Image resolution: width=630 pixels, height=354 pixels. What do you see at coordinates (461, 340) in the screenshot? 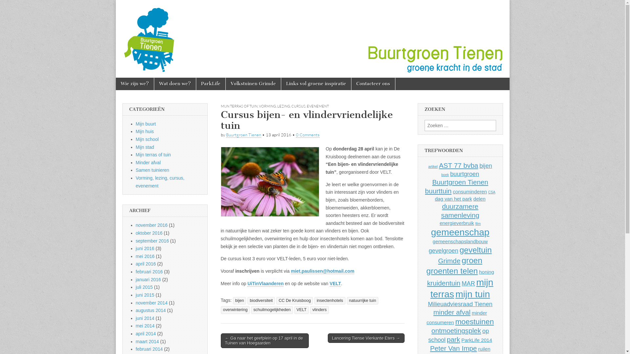
I see `'ParkLife 2014'` at bounding box center [461, 340].